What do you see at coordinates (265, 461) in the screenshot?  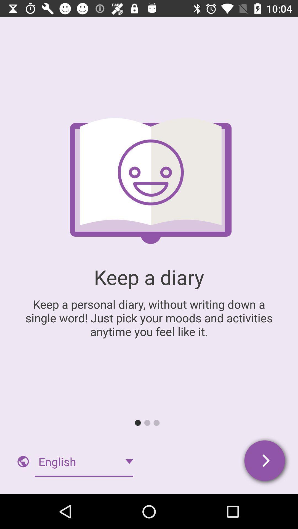 I see `proceed to next page` at bounding box center [265, 461].